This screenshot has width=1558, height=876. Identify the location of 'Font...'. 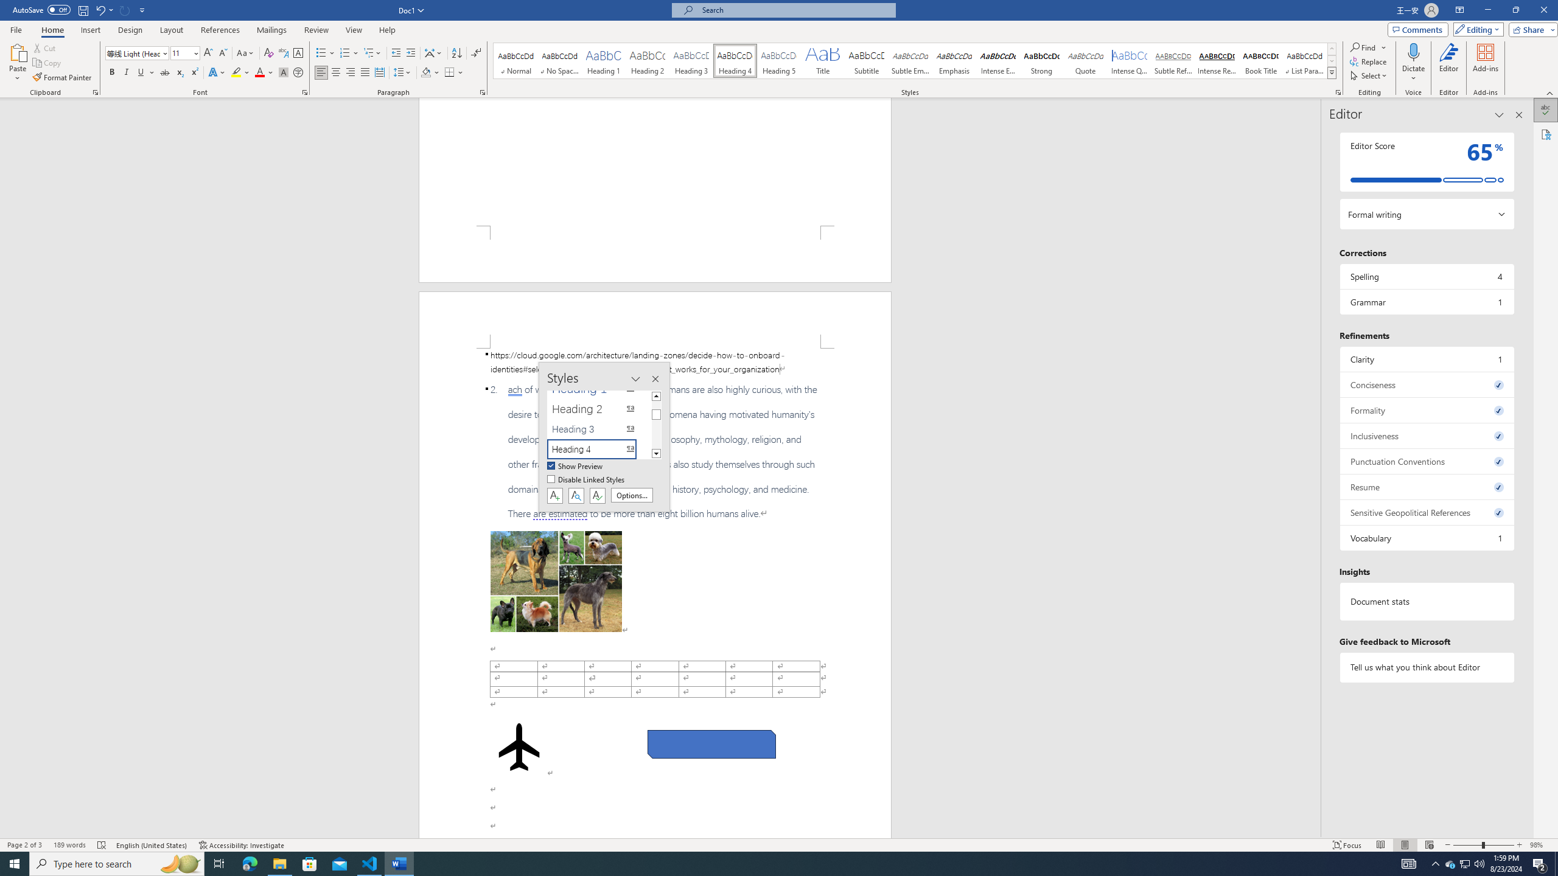
(305, 91).